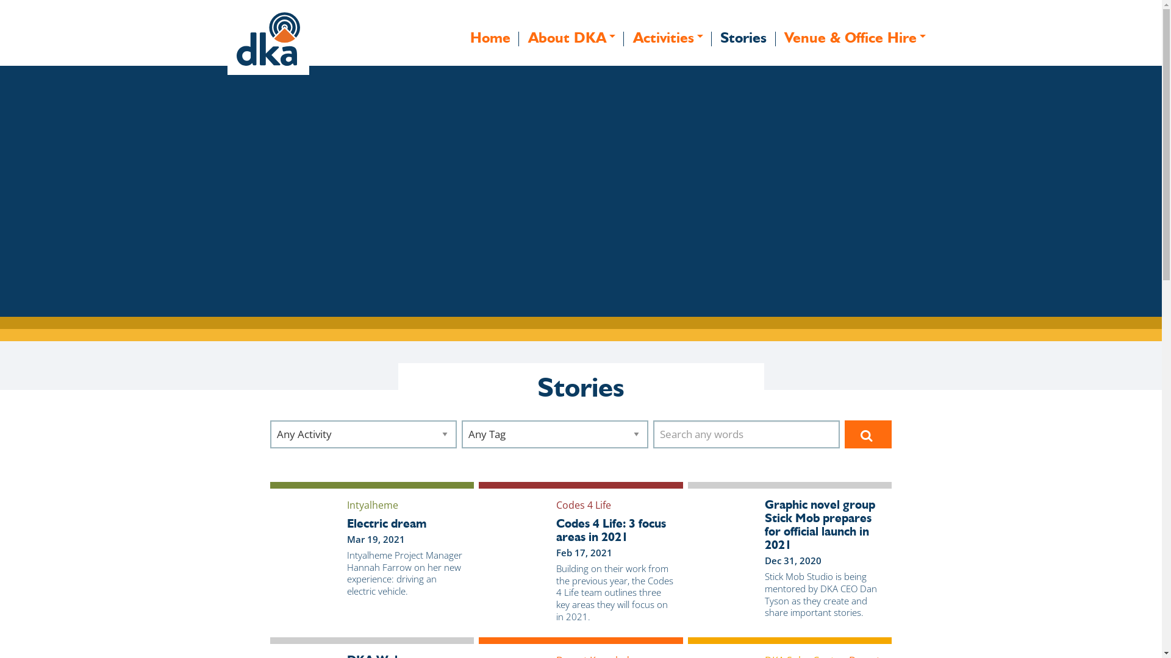 The height and width of the screenshot is (658, 1171). What do you see at coordinates (371, 505) in the screenshot?
I see `'Intyalheme'` at bounding box center [371, 505].